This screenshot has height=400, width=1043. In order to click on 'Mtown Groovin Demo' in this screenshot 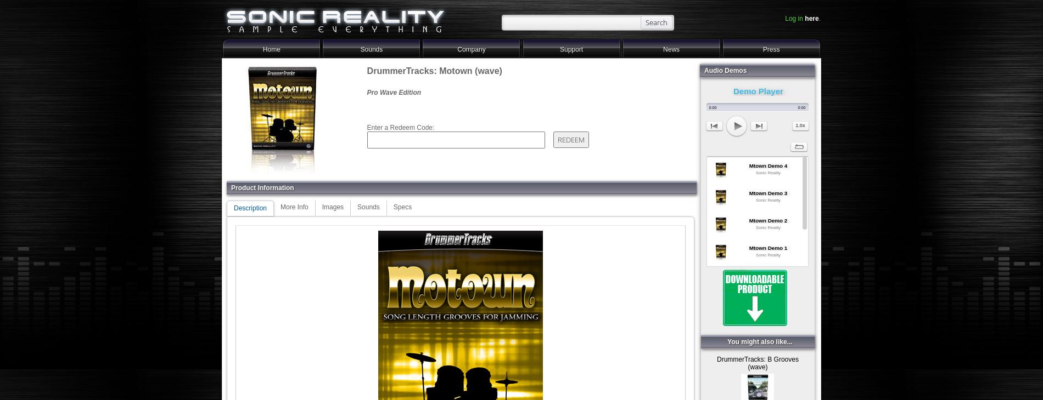, I will do `click(767, 302)`.